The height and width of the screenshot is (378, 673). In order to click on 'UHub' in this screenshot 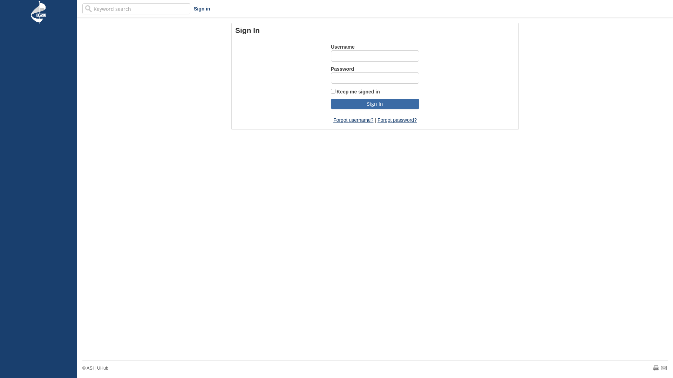, I will do `click(102, 368)`.